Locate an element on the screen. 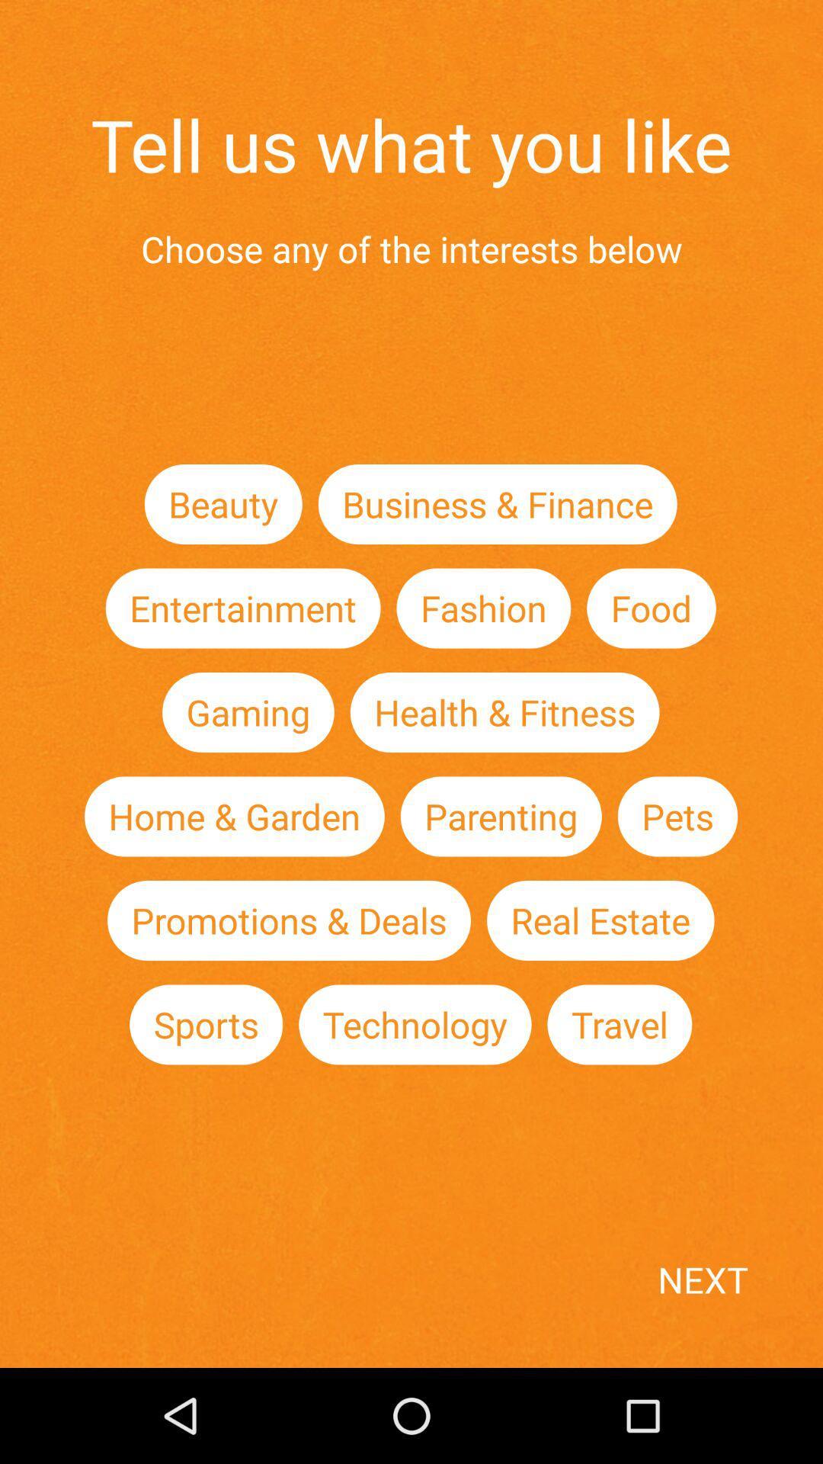 Image resolution: width=823 pixels, height=1464 pixels. item below the beauty item is located at coordinates (242, 607).